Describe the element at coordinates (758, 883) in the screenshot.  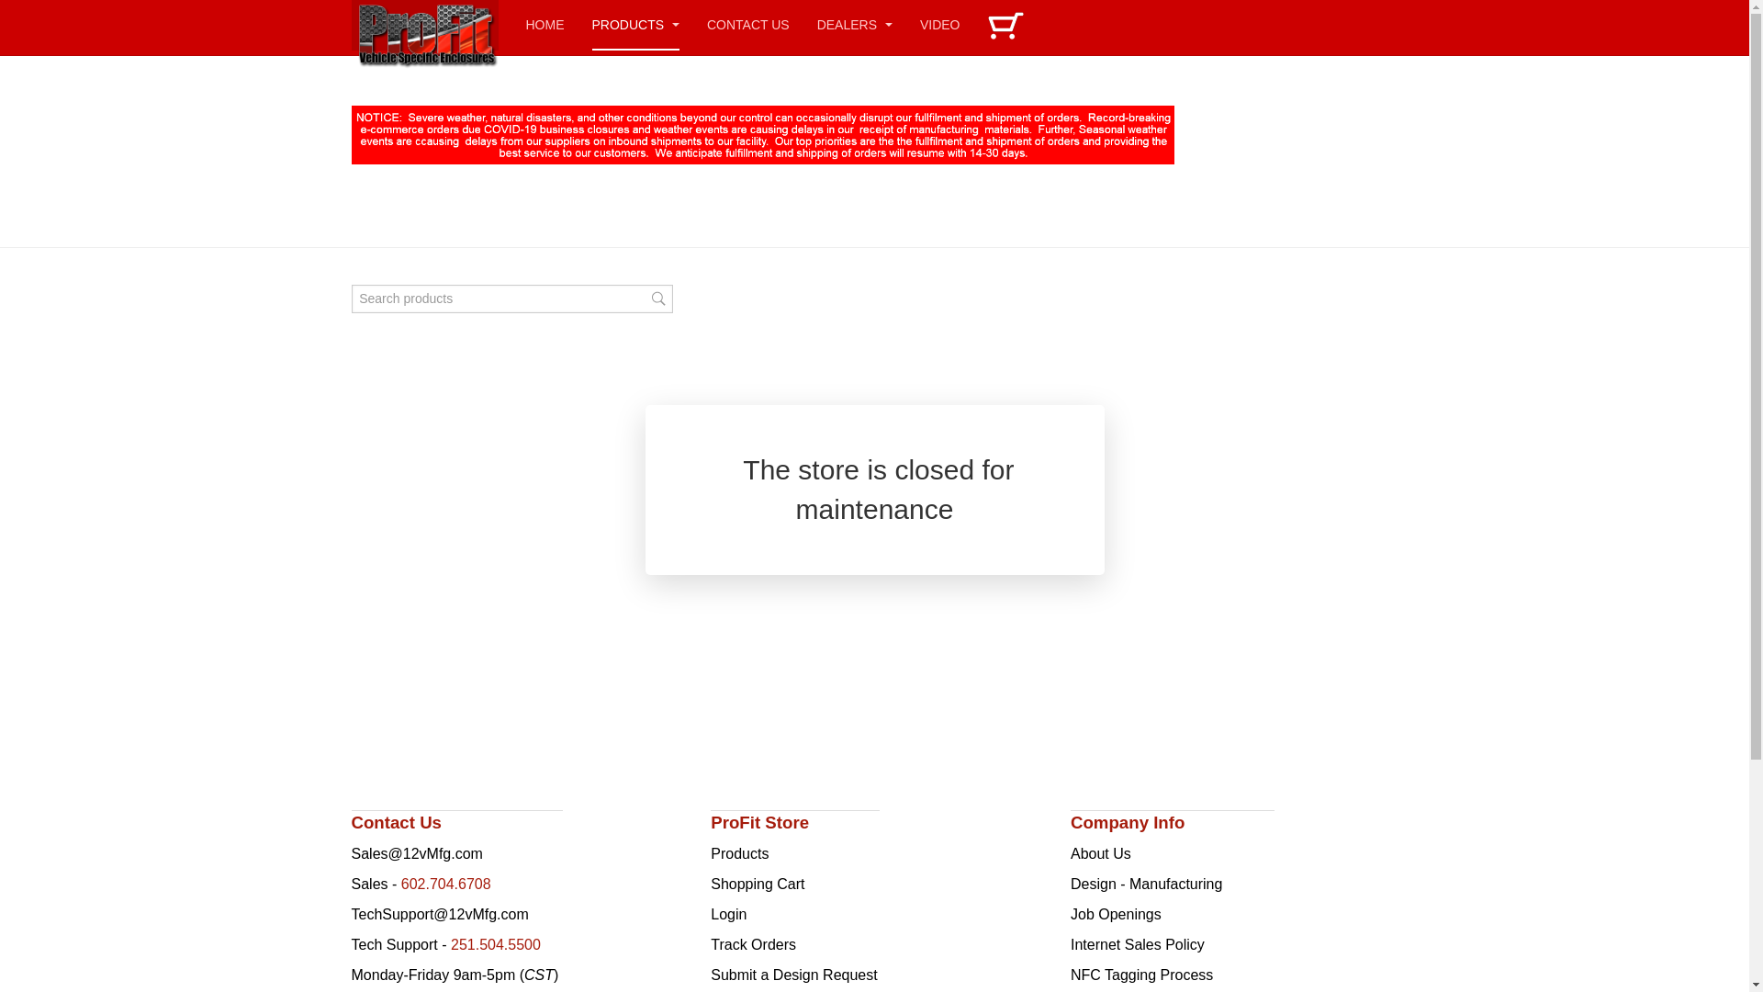
I see `'Shopping Cart'` at that location.